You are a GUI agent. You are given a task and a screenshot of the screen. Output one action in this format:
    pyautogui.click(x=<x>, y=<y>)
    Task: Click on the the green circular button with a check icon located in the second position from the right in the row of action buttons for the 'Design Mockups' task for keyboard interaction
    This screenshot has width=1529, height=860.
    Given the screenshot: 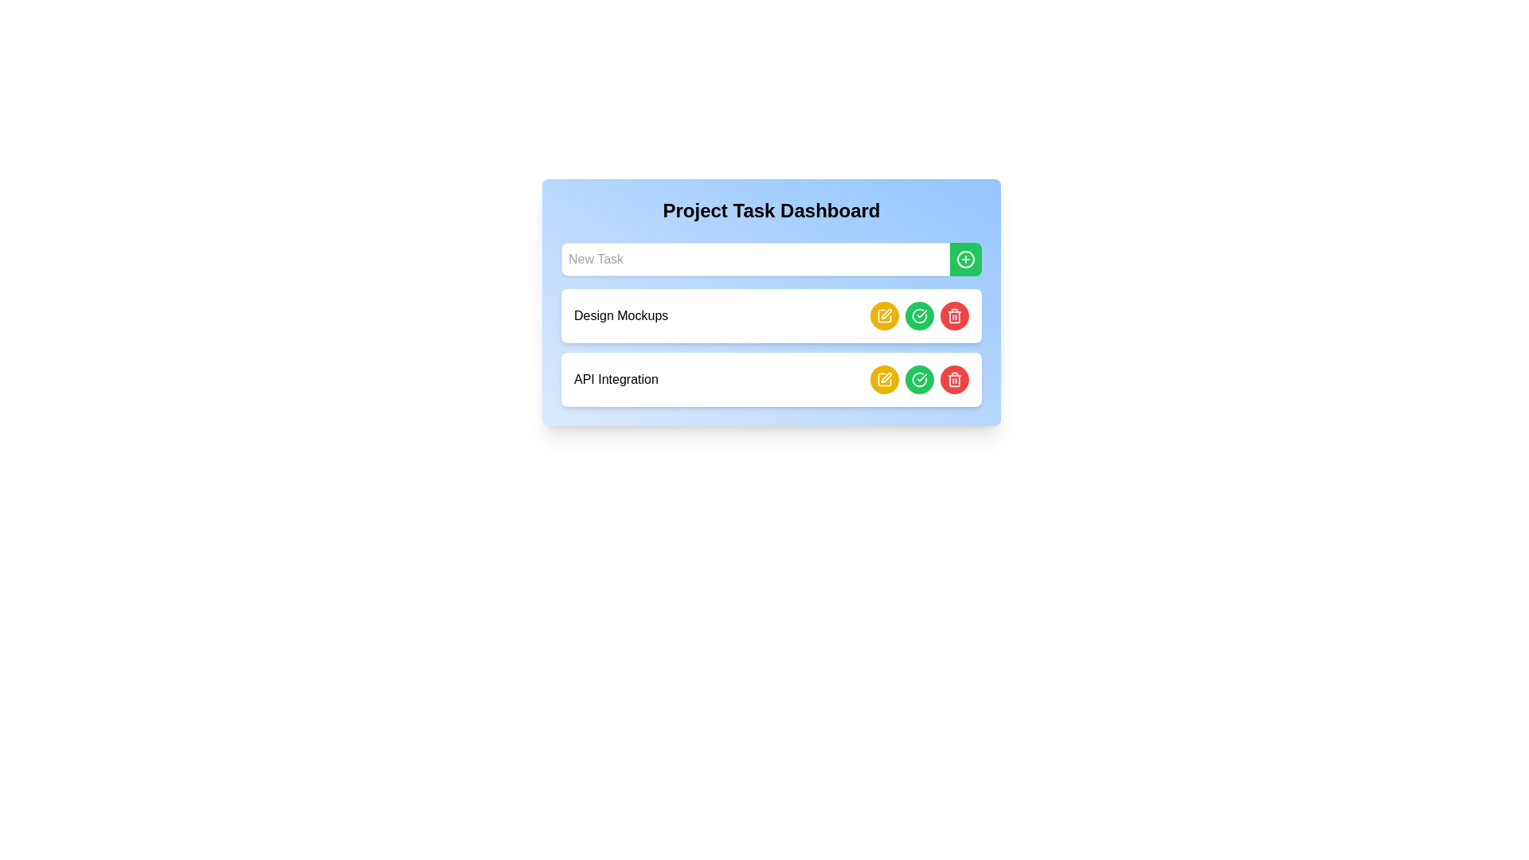 What is the action you would take?
    pyautogui.click(x=920, y=316)
    